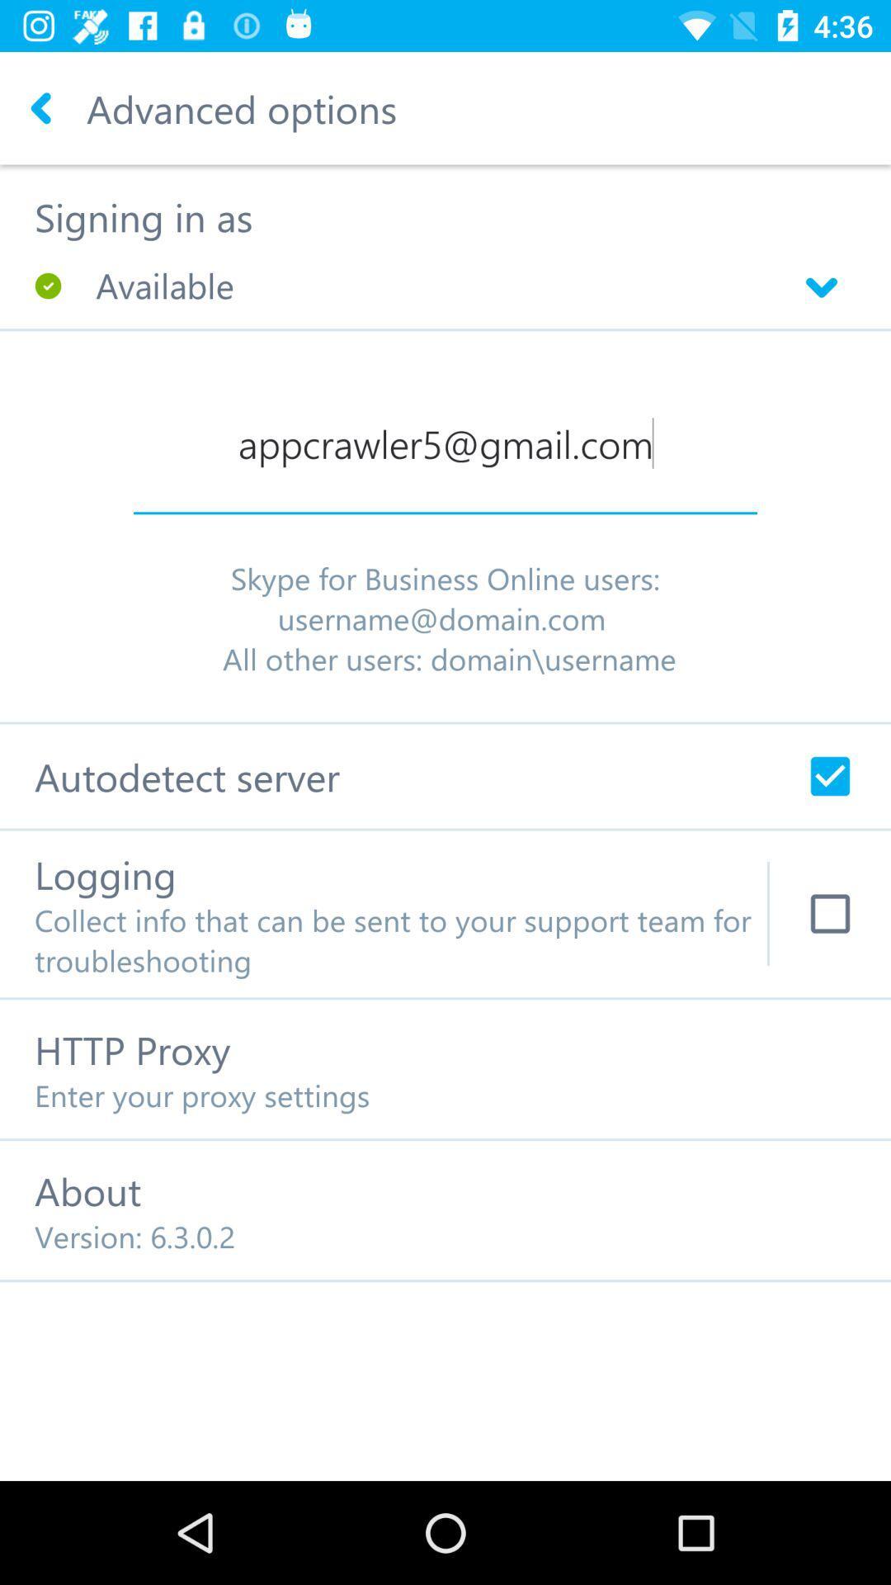 This screenshot has height=1585, width=891. What do you see at coordinates (830, 913) in the screenshot?
I see `check mark logging` at bounding box center [830, 913].